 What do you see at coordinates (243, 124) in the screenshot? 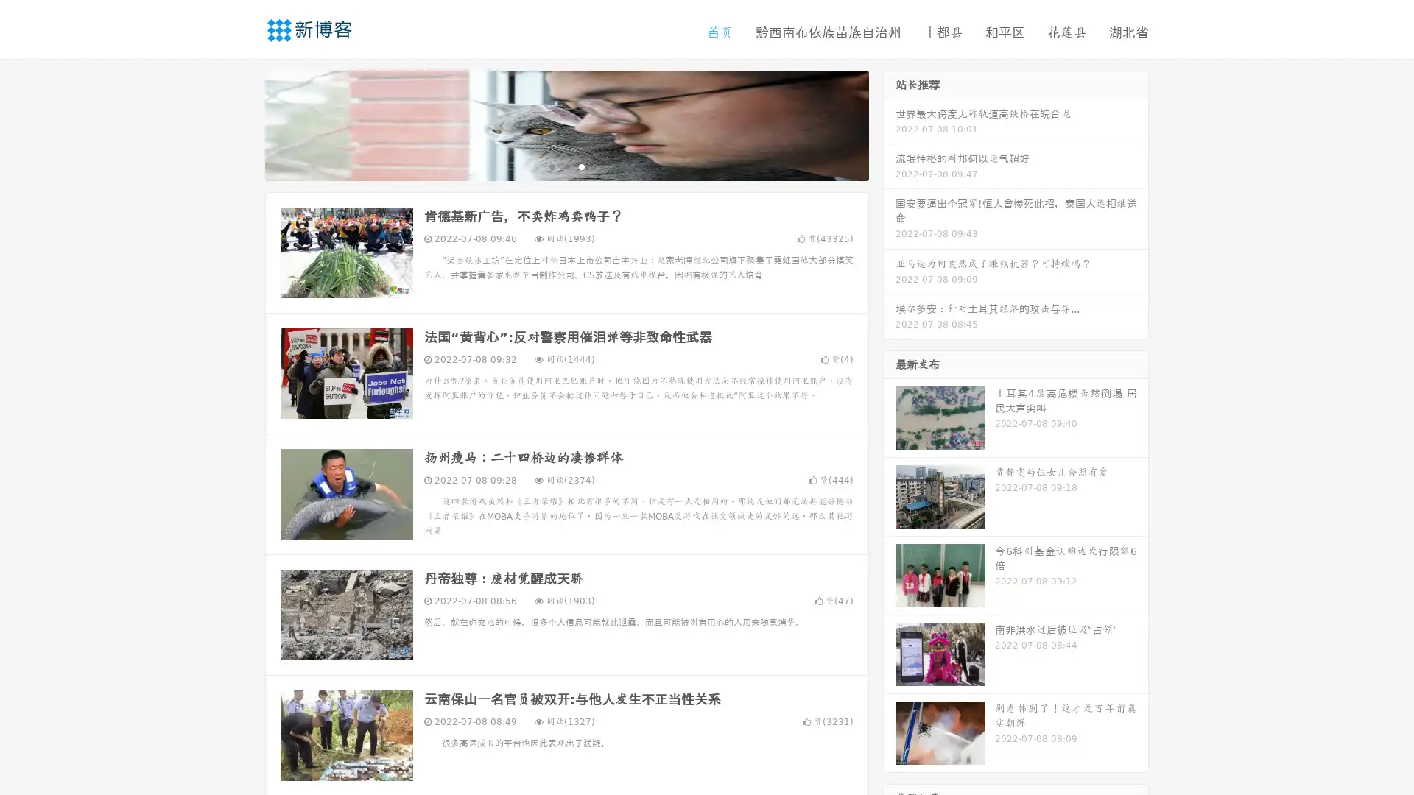
I see `Previous slide` at bounding box center [243, 124].